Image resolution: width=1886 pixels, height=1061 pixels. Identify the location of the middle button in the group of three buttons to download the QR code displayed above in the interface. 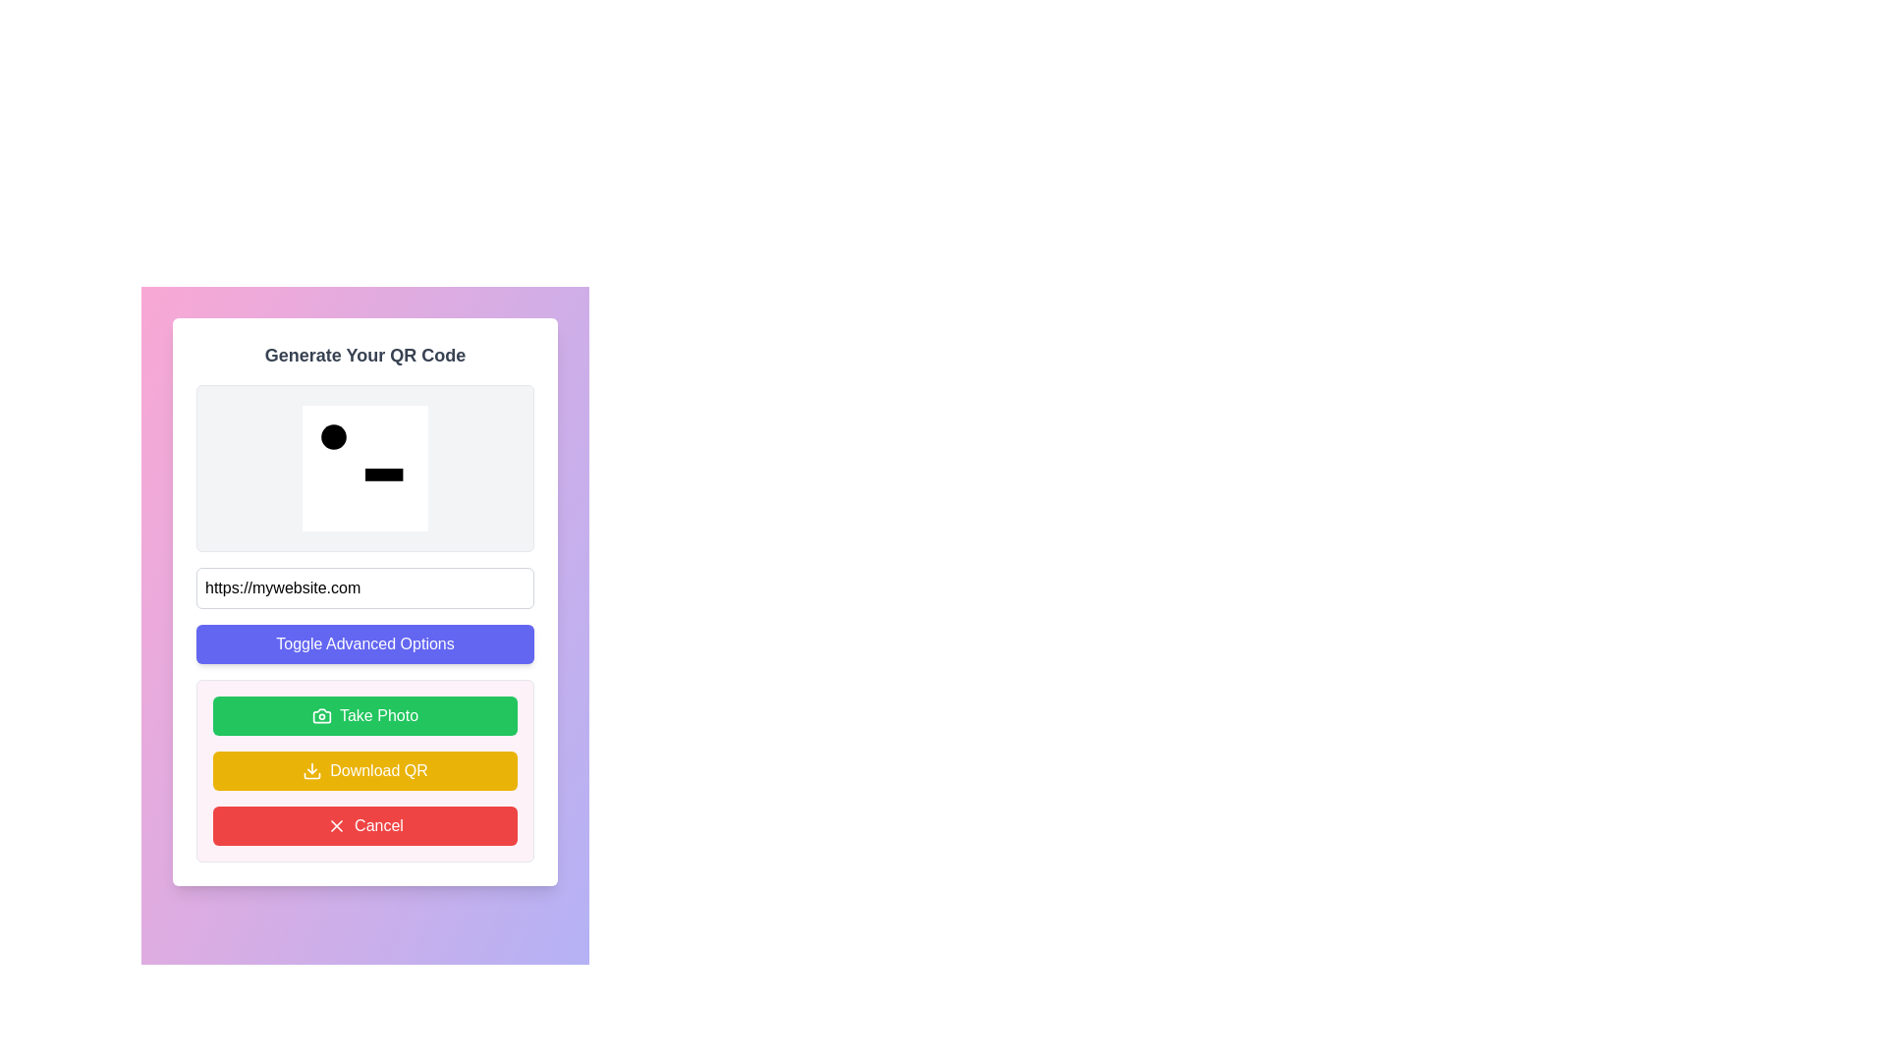
(365, 770).